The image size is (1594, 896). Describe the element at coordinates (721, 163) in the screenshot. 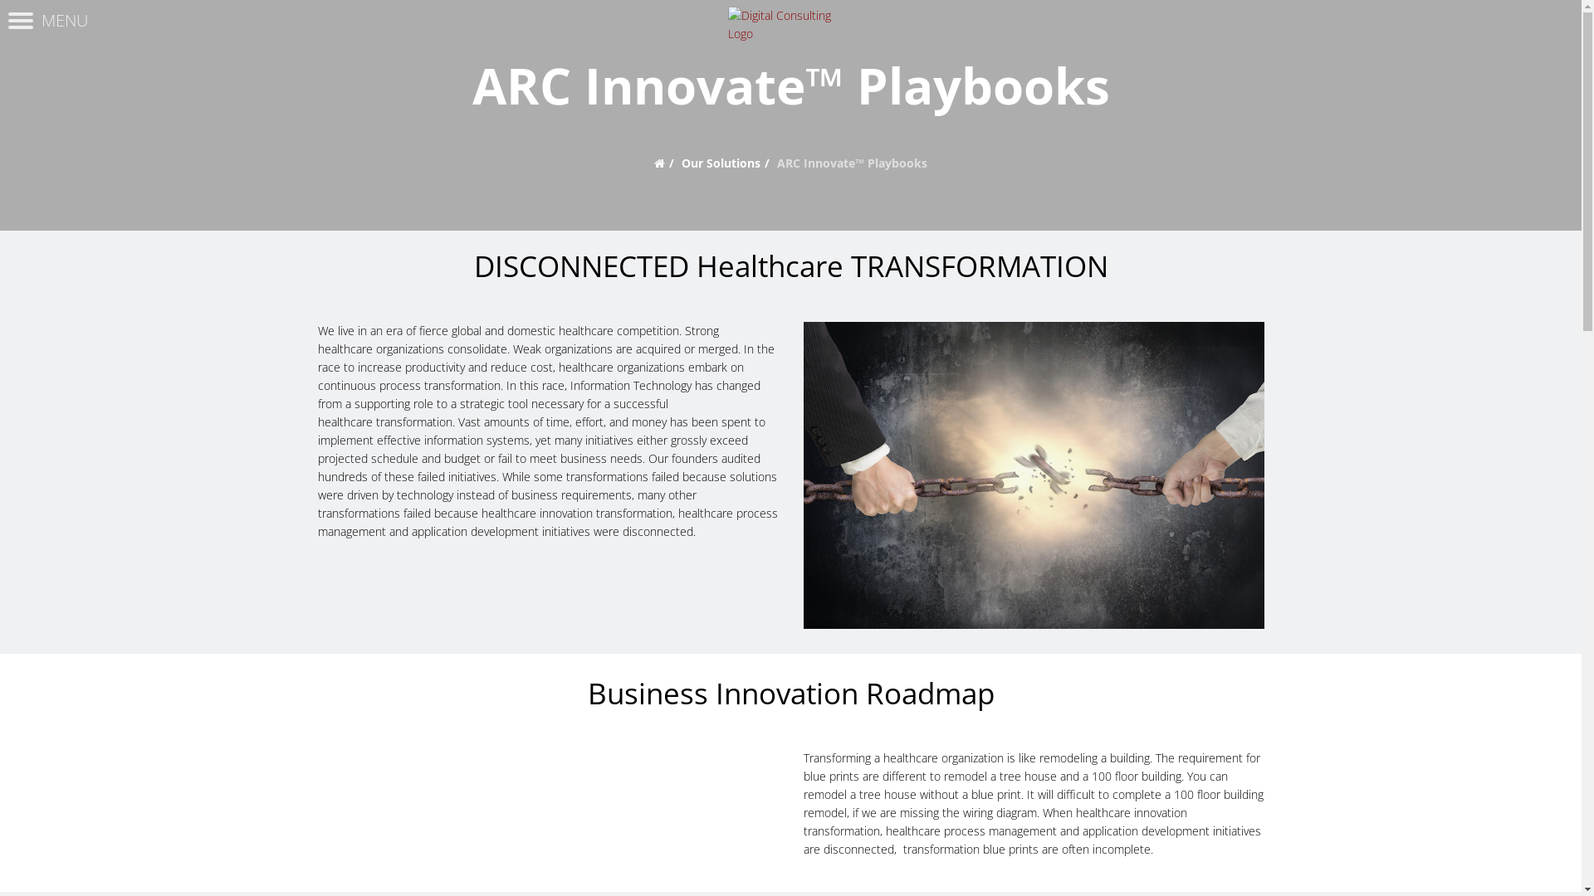

I see `'Our Solutions'` at that location.